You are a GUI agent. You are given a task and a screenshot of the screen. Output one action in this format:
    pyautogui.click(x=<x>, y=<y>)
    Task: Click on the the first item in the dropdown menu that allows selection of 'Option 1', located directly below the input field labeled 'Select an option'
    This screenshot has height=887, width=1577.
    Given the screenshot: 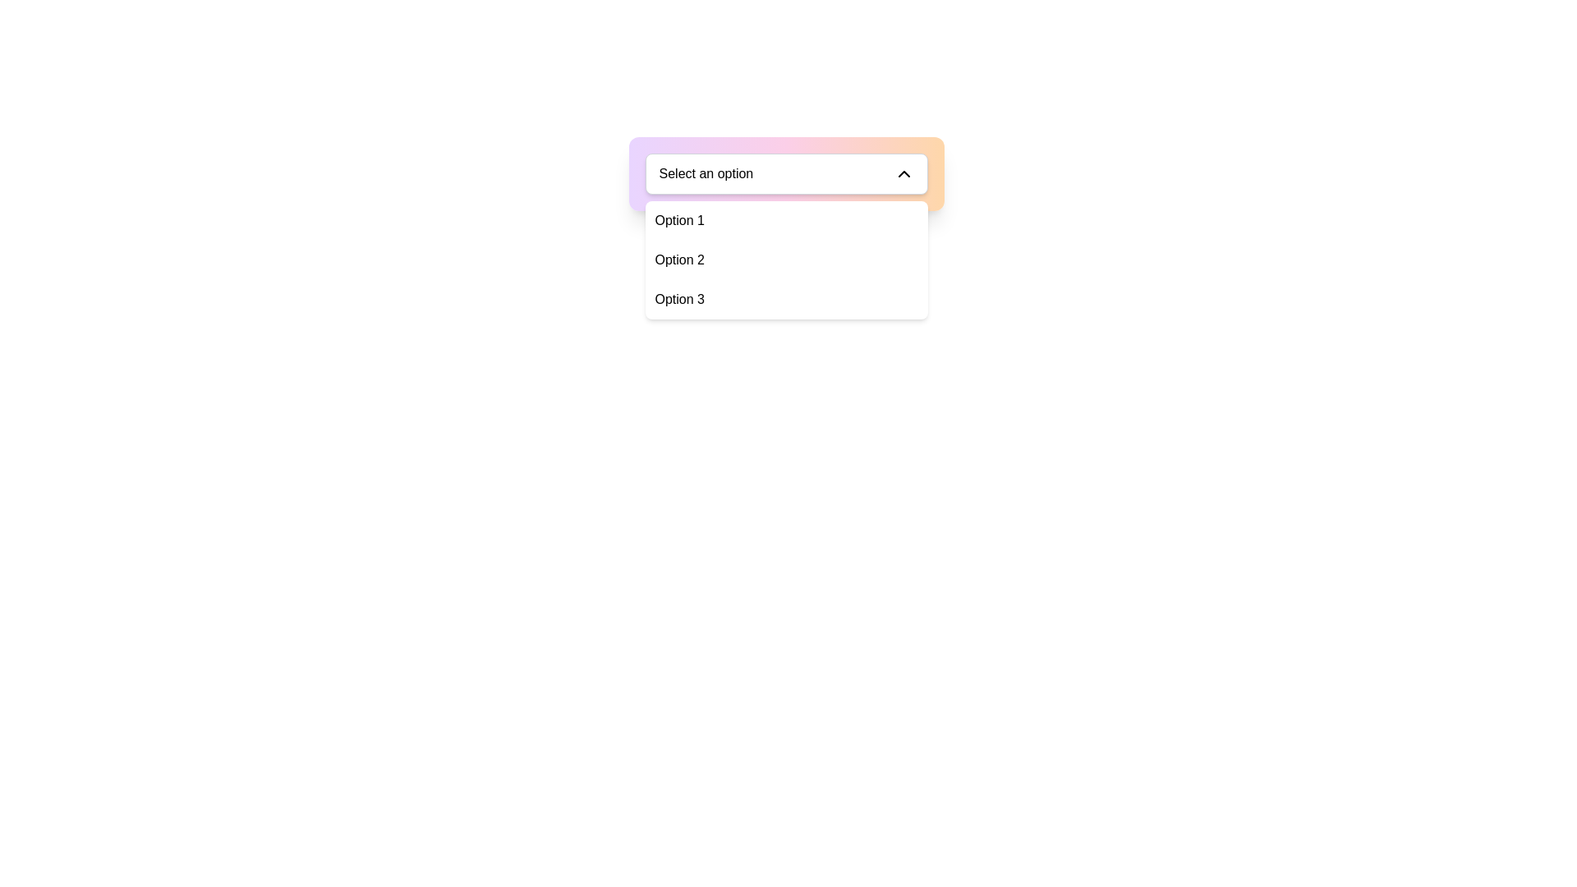 What is the action you would take?
    pyautogui.click(x=679, y=220)
    